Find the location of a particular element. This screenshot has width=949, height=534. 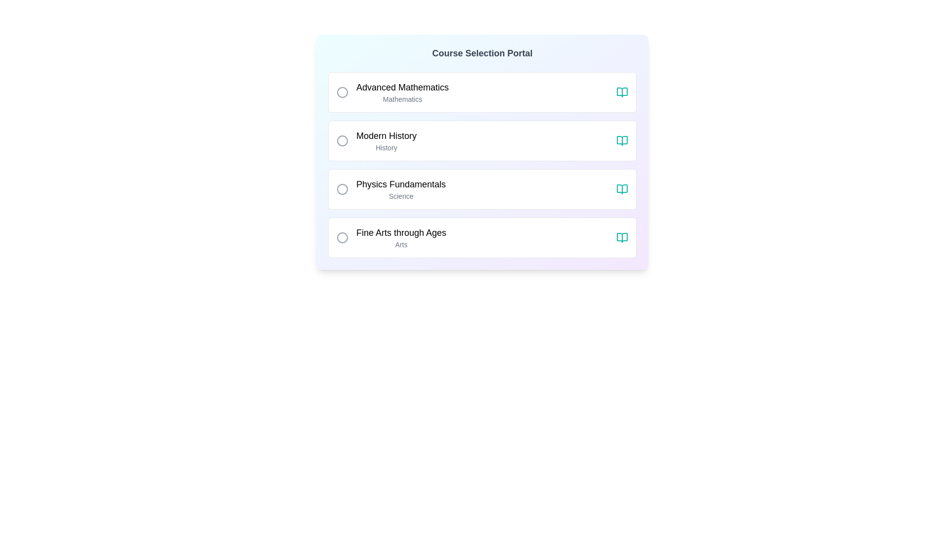

the text label 'Mathematics' which is displayed in a small-sized, gray font, located directly below the 'Advanced Mathematics' title in the first selectable item of the list is located at coordinates (402, 99).